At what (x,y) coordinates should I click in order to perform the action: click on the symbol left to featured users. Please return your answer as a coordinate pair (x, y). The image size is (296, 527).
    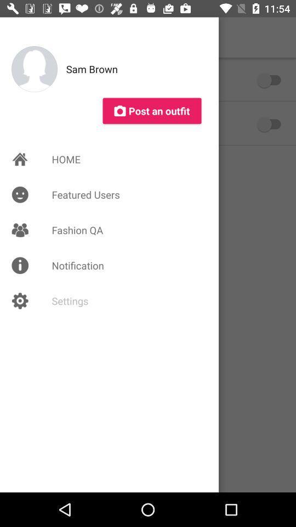
    Looking at the image, I should click on (20, 195).